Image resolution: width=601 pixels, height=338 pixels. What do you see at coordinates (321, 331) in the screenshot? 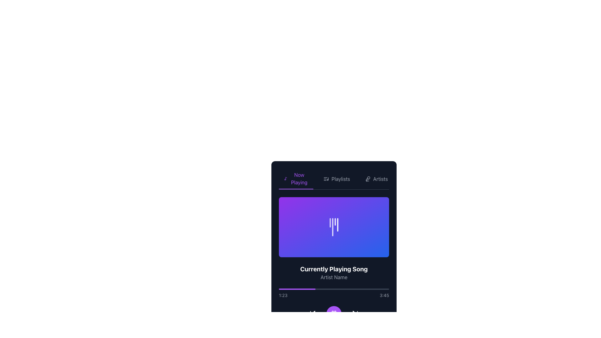
I see `the purple progress bar indicator located beneath the 'Currently Playing Song' title, visually presenting the current track's progress` at bounding box center [321, 331].